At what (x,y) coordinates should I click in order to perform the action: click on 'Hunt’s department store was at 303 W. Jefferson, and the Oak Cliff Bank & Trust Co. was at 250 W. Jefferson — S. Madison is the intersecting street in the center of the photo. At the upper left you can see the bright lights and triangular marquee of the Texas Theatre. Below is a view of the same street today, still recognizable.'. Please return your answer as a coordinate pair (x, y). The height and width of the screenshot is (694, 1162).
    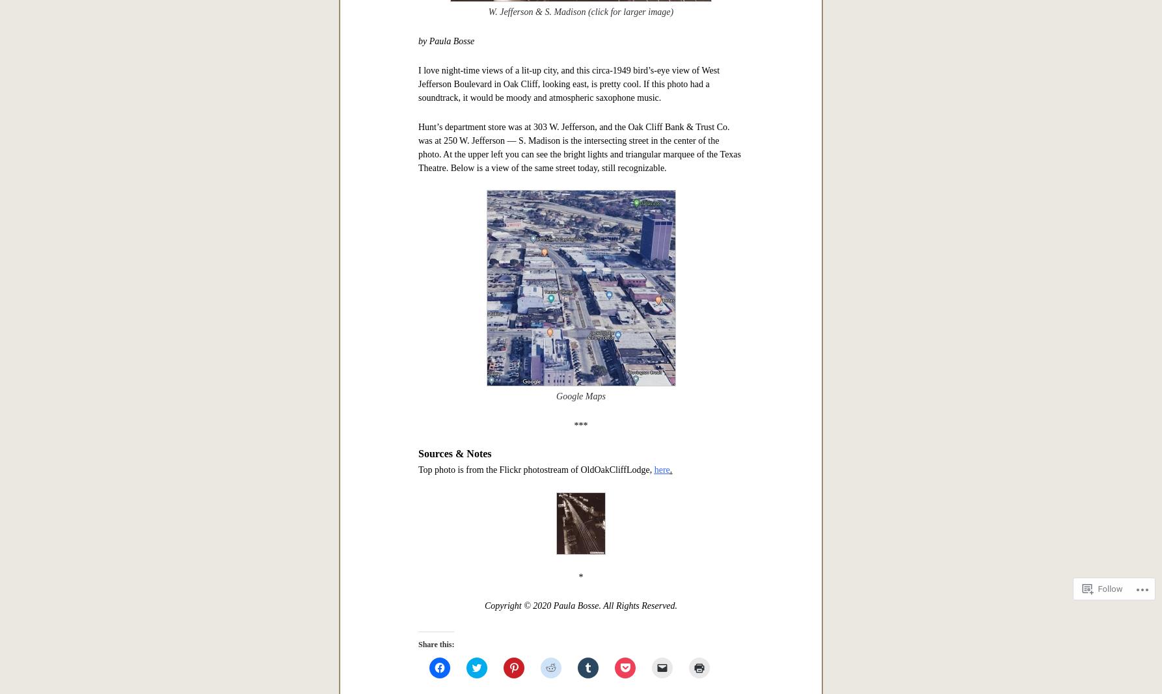
    Looking at the image, I should click on (418, 146).